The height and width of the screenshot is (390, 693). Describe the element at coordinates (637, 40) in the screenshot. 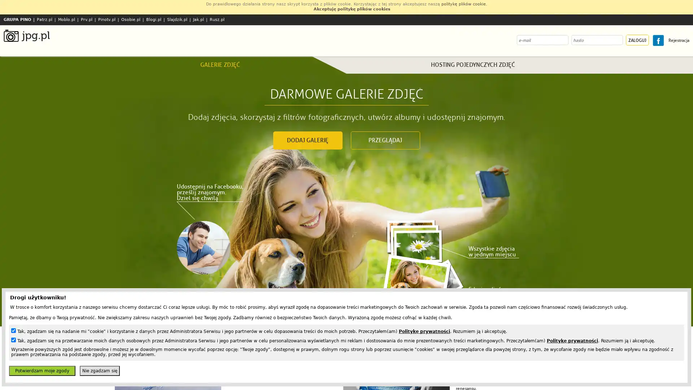

I see `Zaloguj` at that location.